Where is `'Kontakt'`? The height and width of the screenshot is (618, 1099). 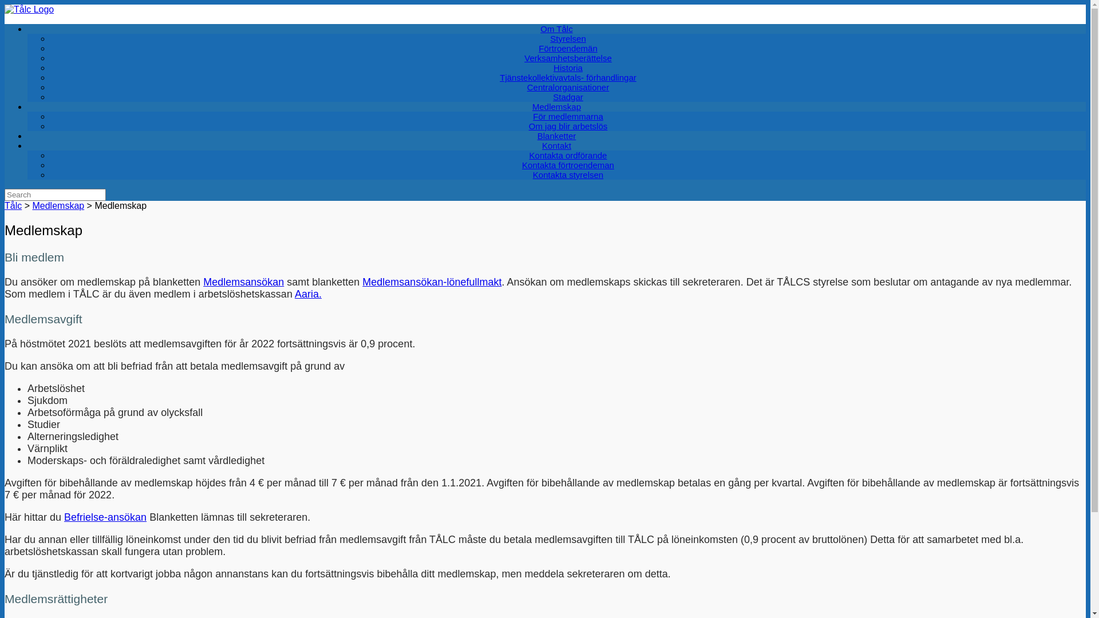
'Kontakt' is located at coordinates (556, 145).